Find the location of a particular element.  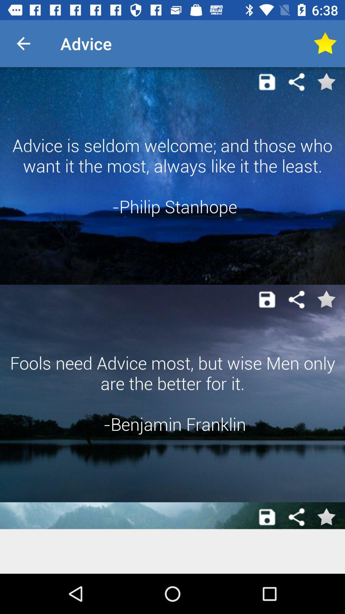

to favorite is located at coordinates (326, 82).